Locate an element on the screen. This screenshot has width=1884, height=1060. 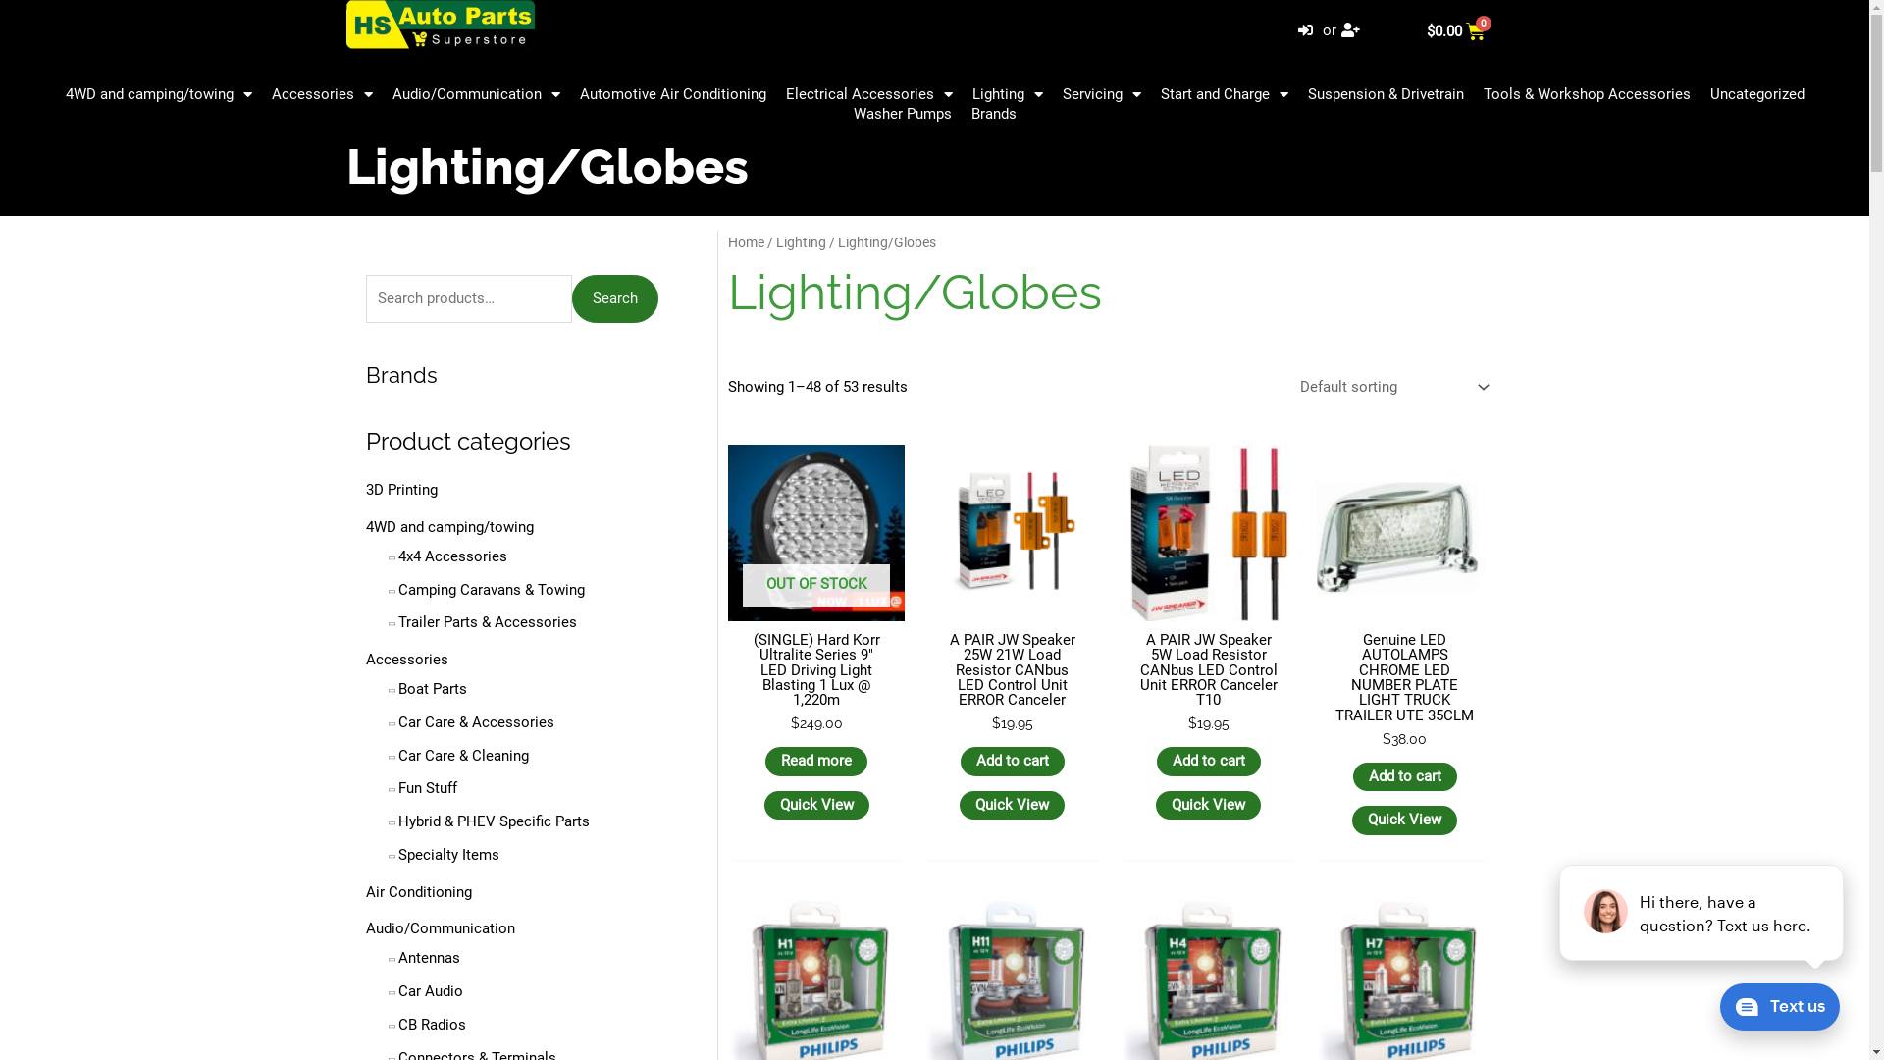
'Quick View' is located at coordinates (1155, 806).